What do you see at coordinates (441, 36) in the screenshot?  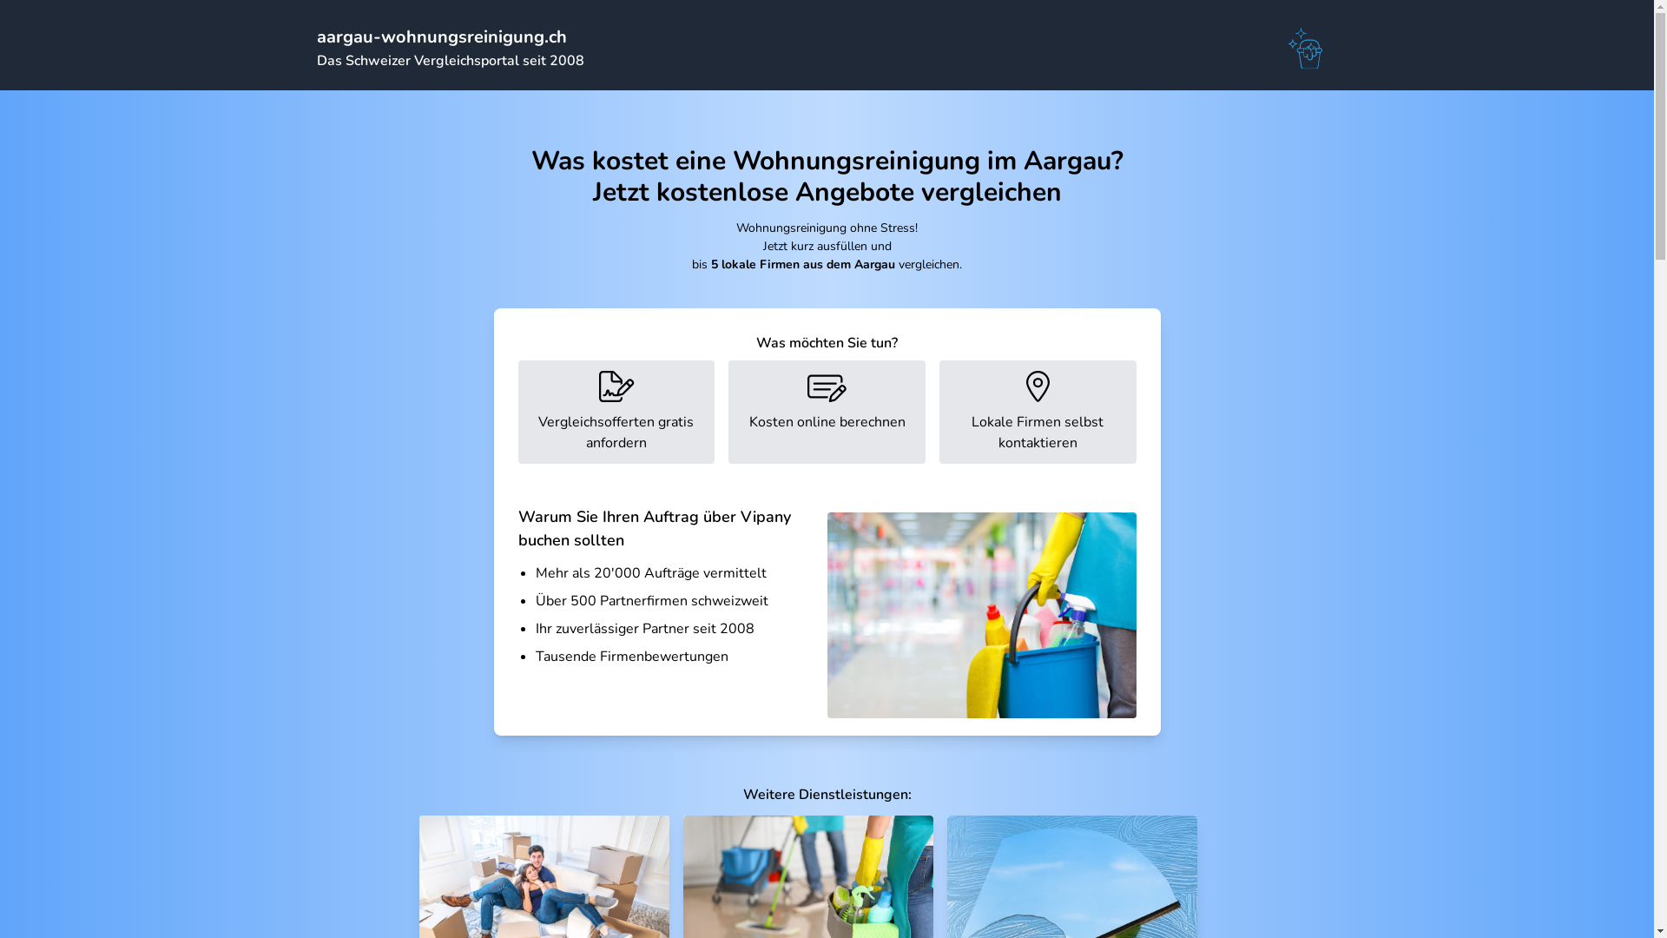 I see `'aargau-wohnungsreinigung.ch'` at bounding box center [441, 36].